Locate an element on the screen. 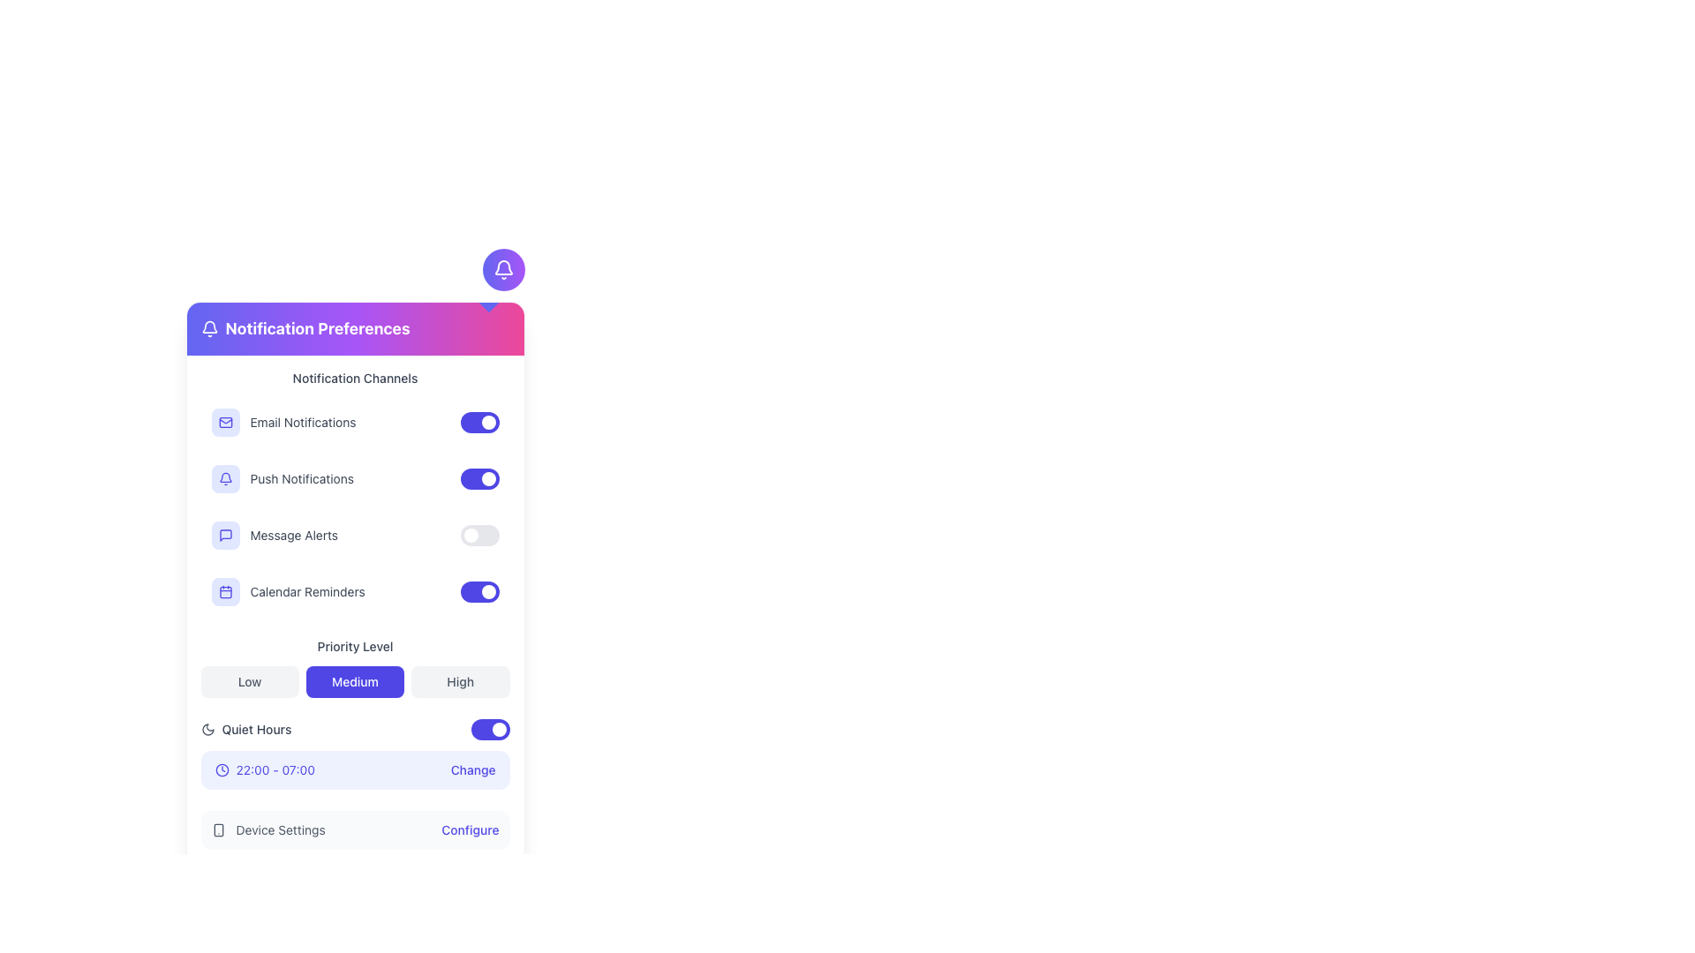 The height and width of the screenshot is (953, 1695). the 'Medium' button in the Button Group using the keyboard tab and select it using the enter key is located at coordinates (354, 680).